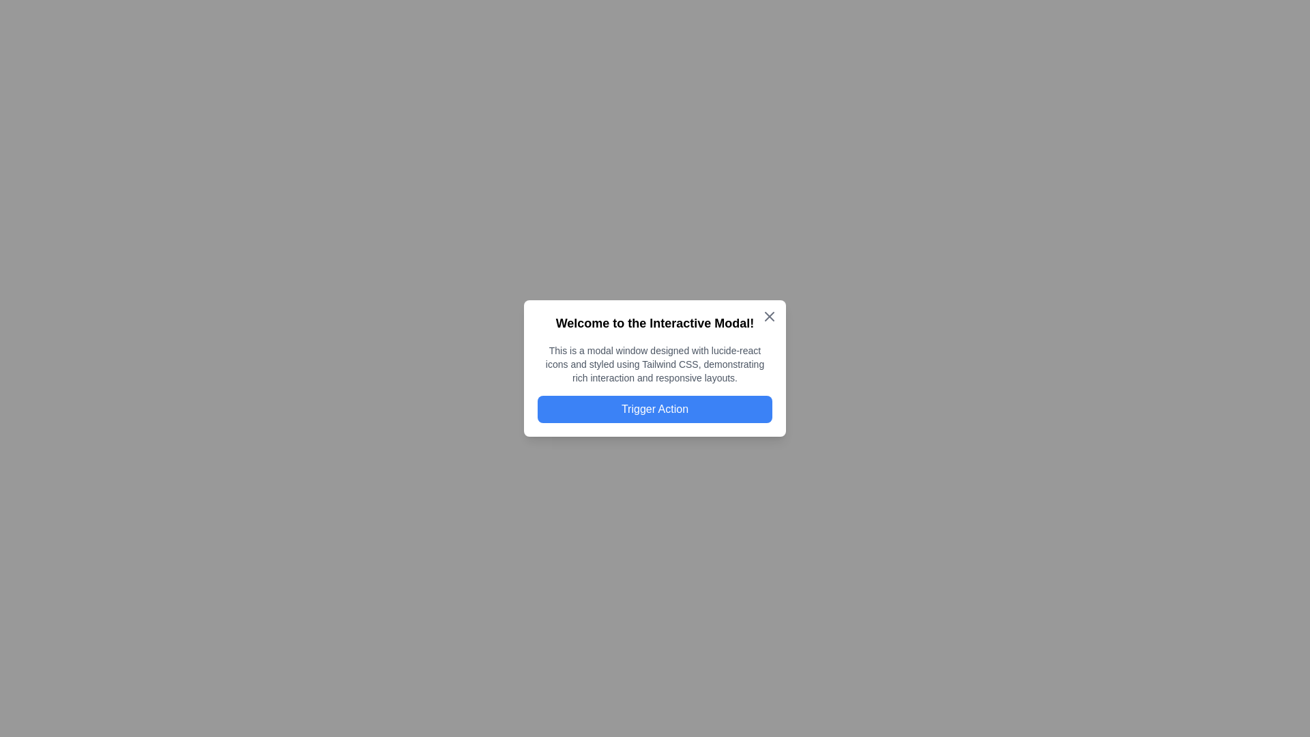  I want to click on the paragraph text element styled in gray, which contains the description within the modal window, so click(655, 363).